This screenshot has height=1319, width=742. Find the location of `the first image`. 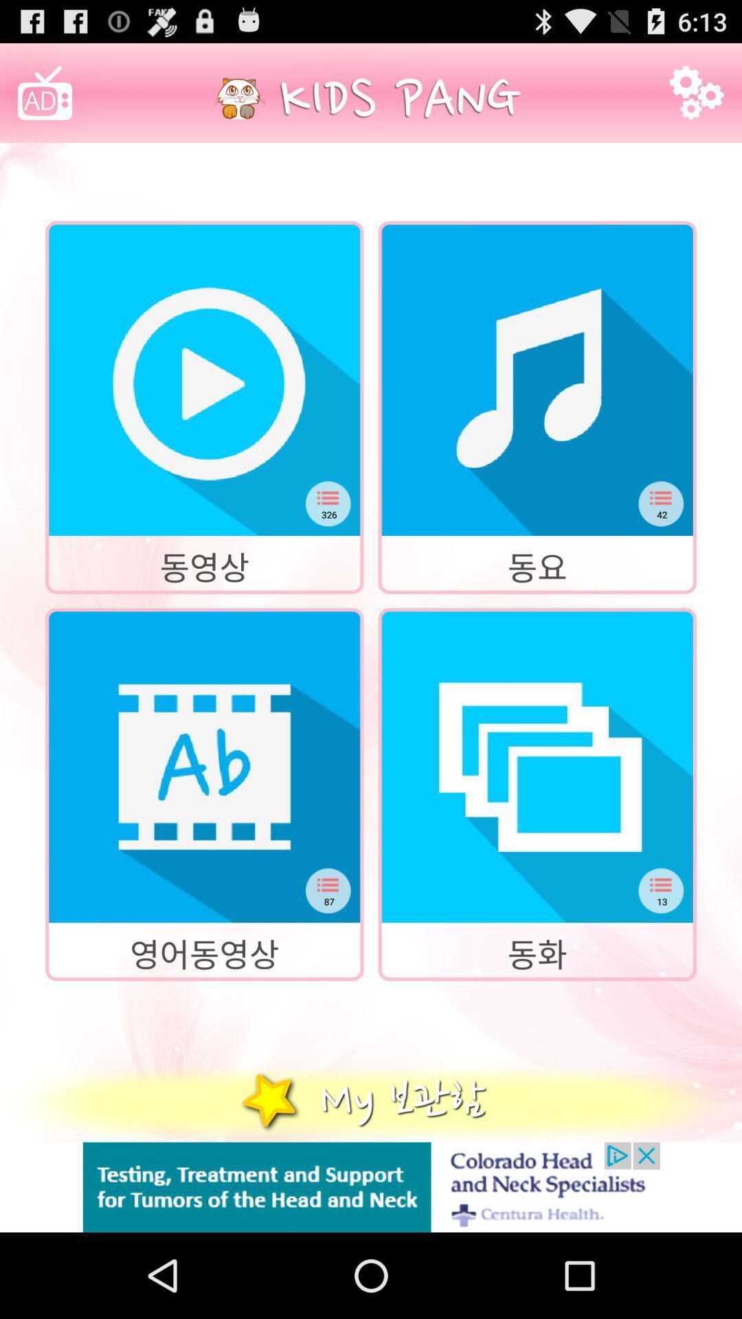

the first image is located at coordinates (204, 380).